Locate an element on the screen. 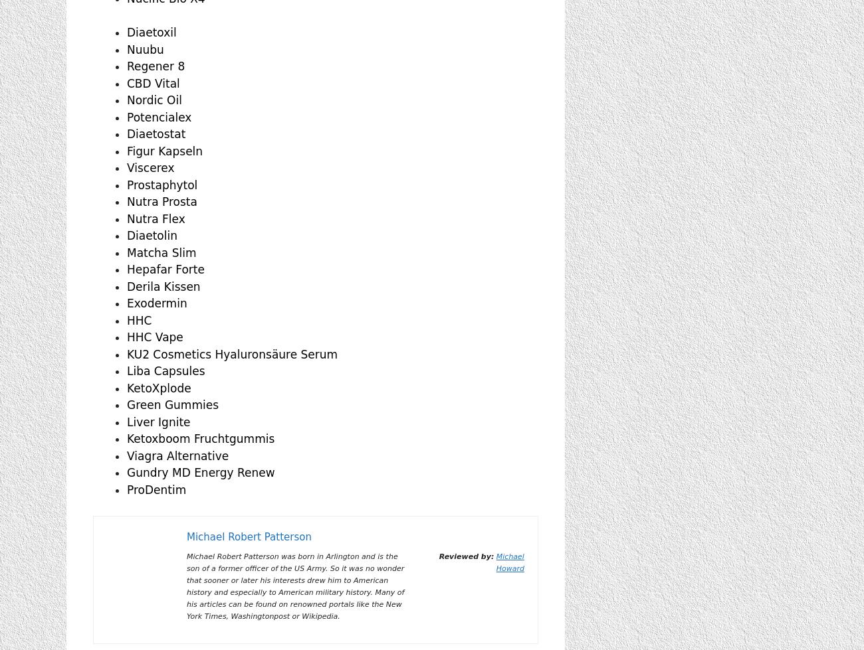 Image resolution: width=864 pixels, height=650 pixels. 'KU2 Cosmetics Hyaluronsäure Serum' is located at coordinates (231, 353).